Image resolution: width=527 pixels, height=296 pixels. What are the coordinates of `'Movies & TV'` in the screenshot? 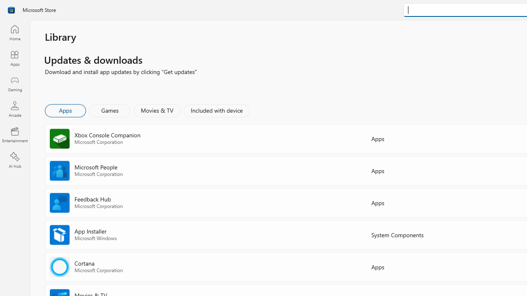 It's located at (157, 110).